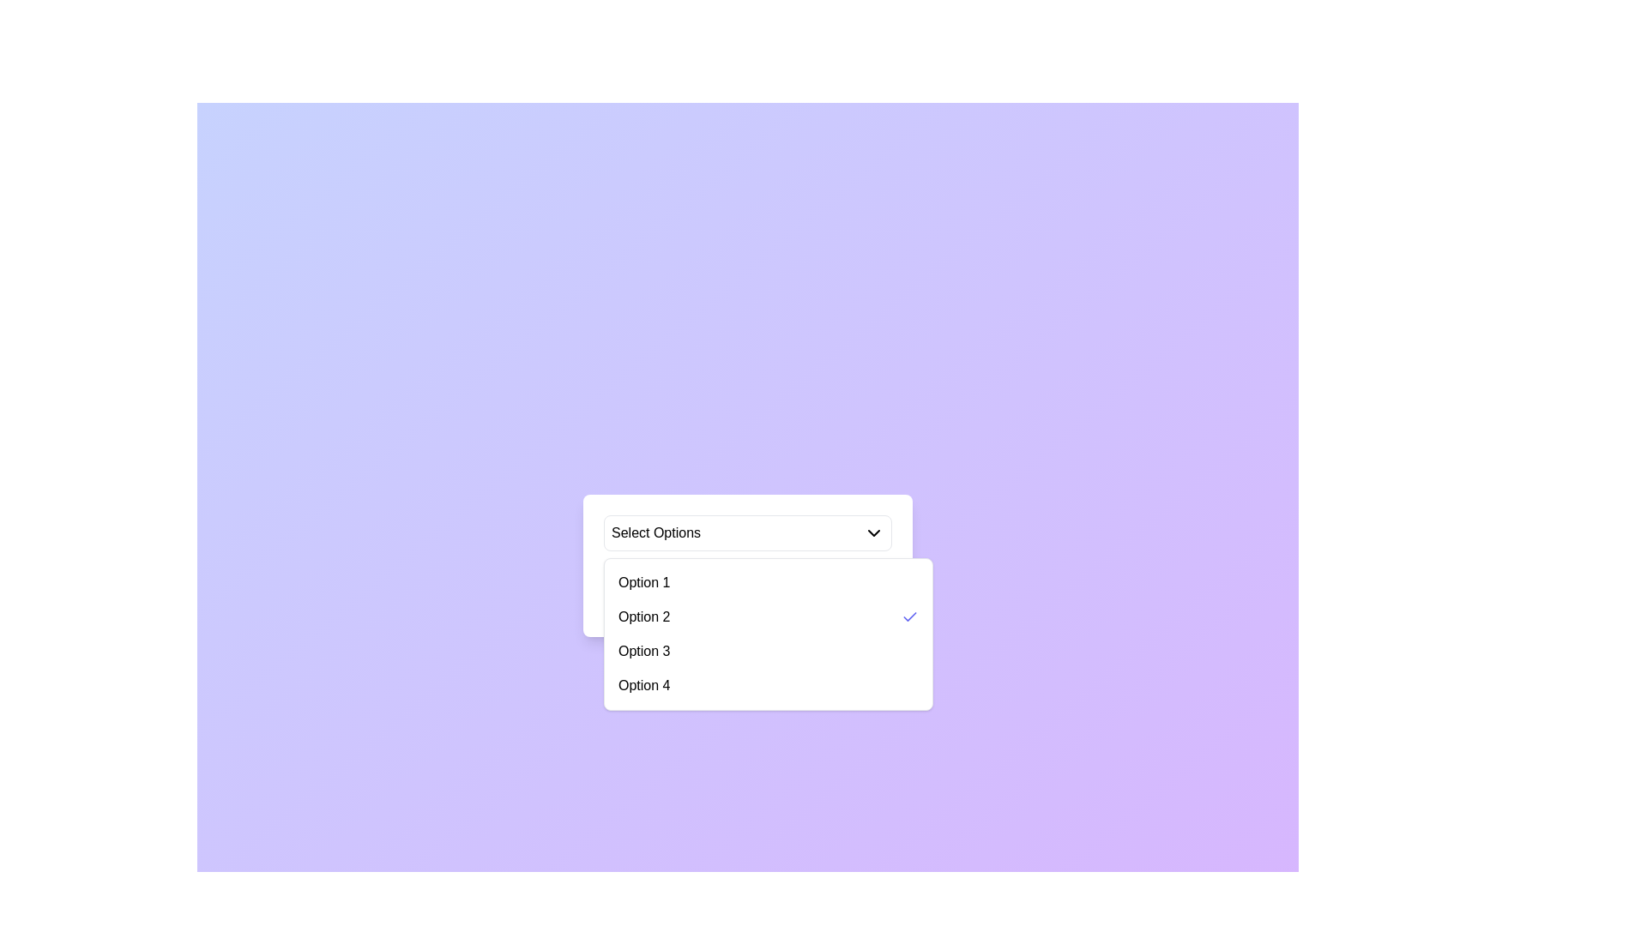  Describe the element at coordinates (768, 684) in the screenshot. I see `the 'Option 4' in the dropdown menu` at that location.